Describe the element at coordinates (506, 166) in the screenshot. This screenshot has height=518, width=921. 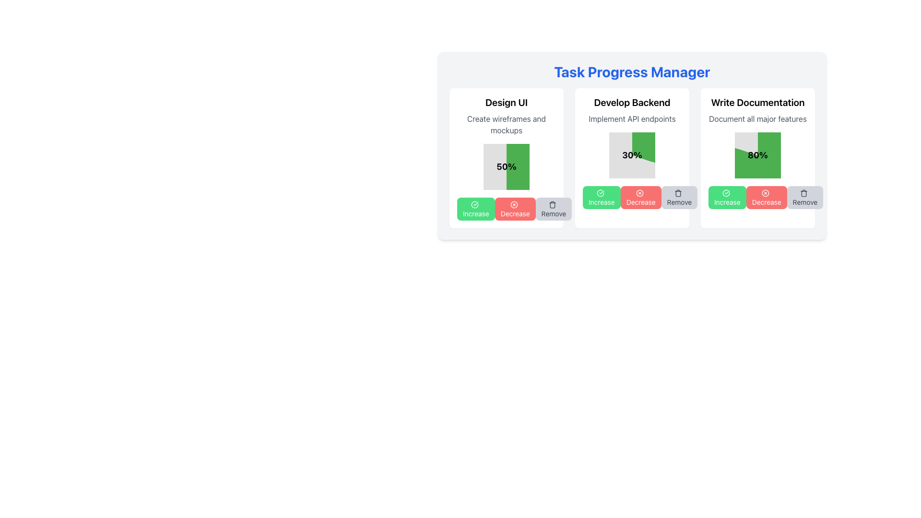
I see `the circular progress indicator that visually communicates a 50% completion status, located centrally within the 'Design UI' card between the text 'Create wireframes and mockups' and the control buttons below` at that location.